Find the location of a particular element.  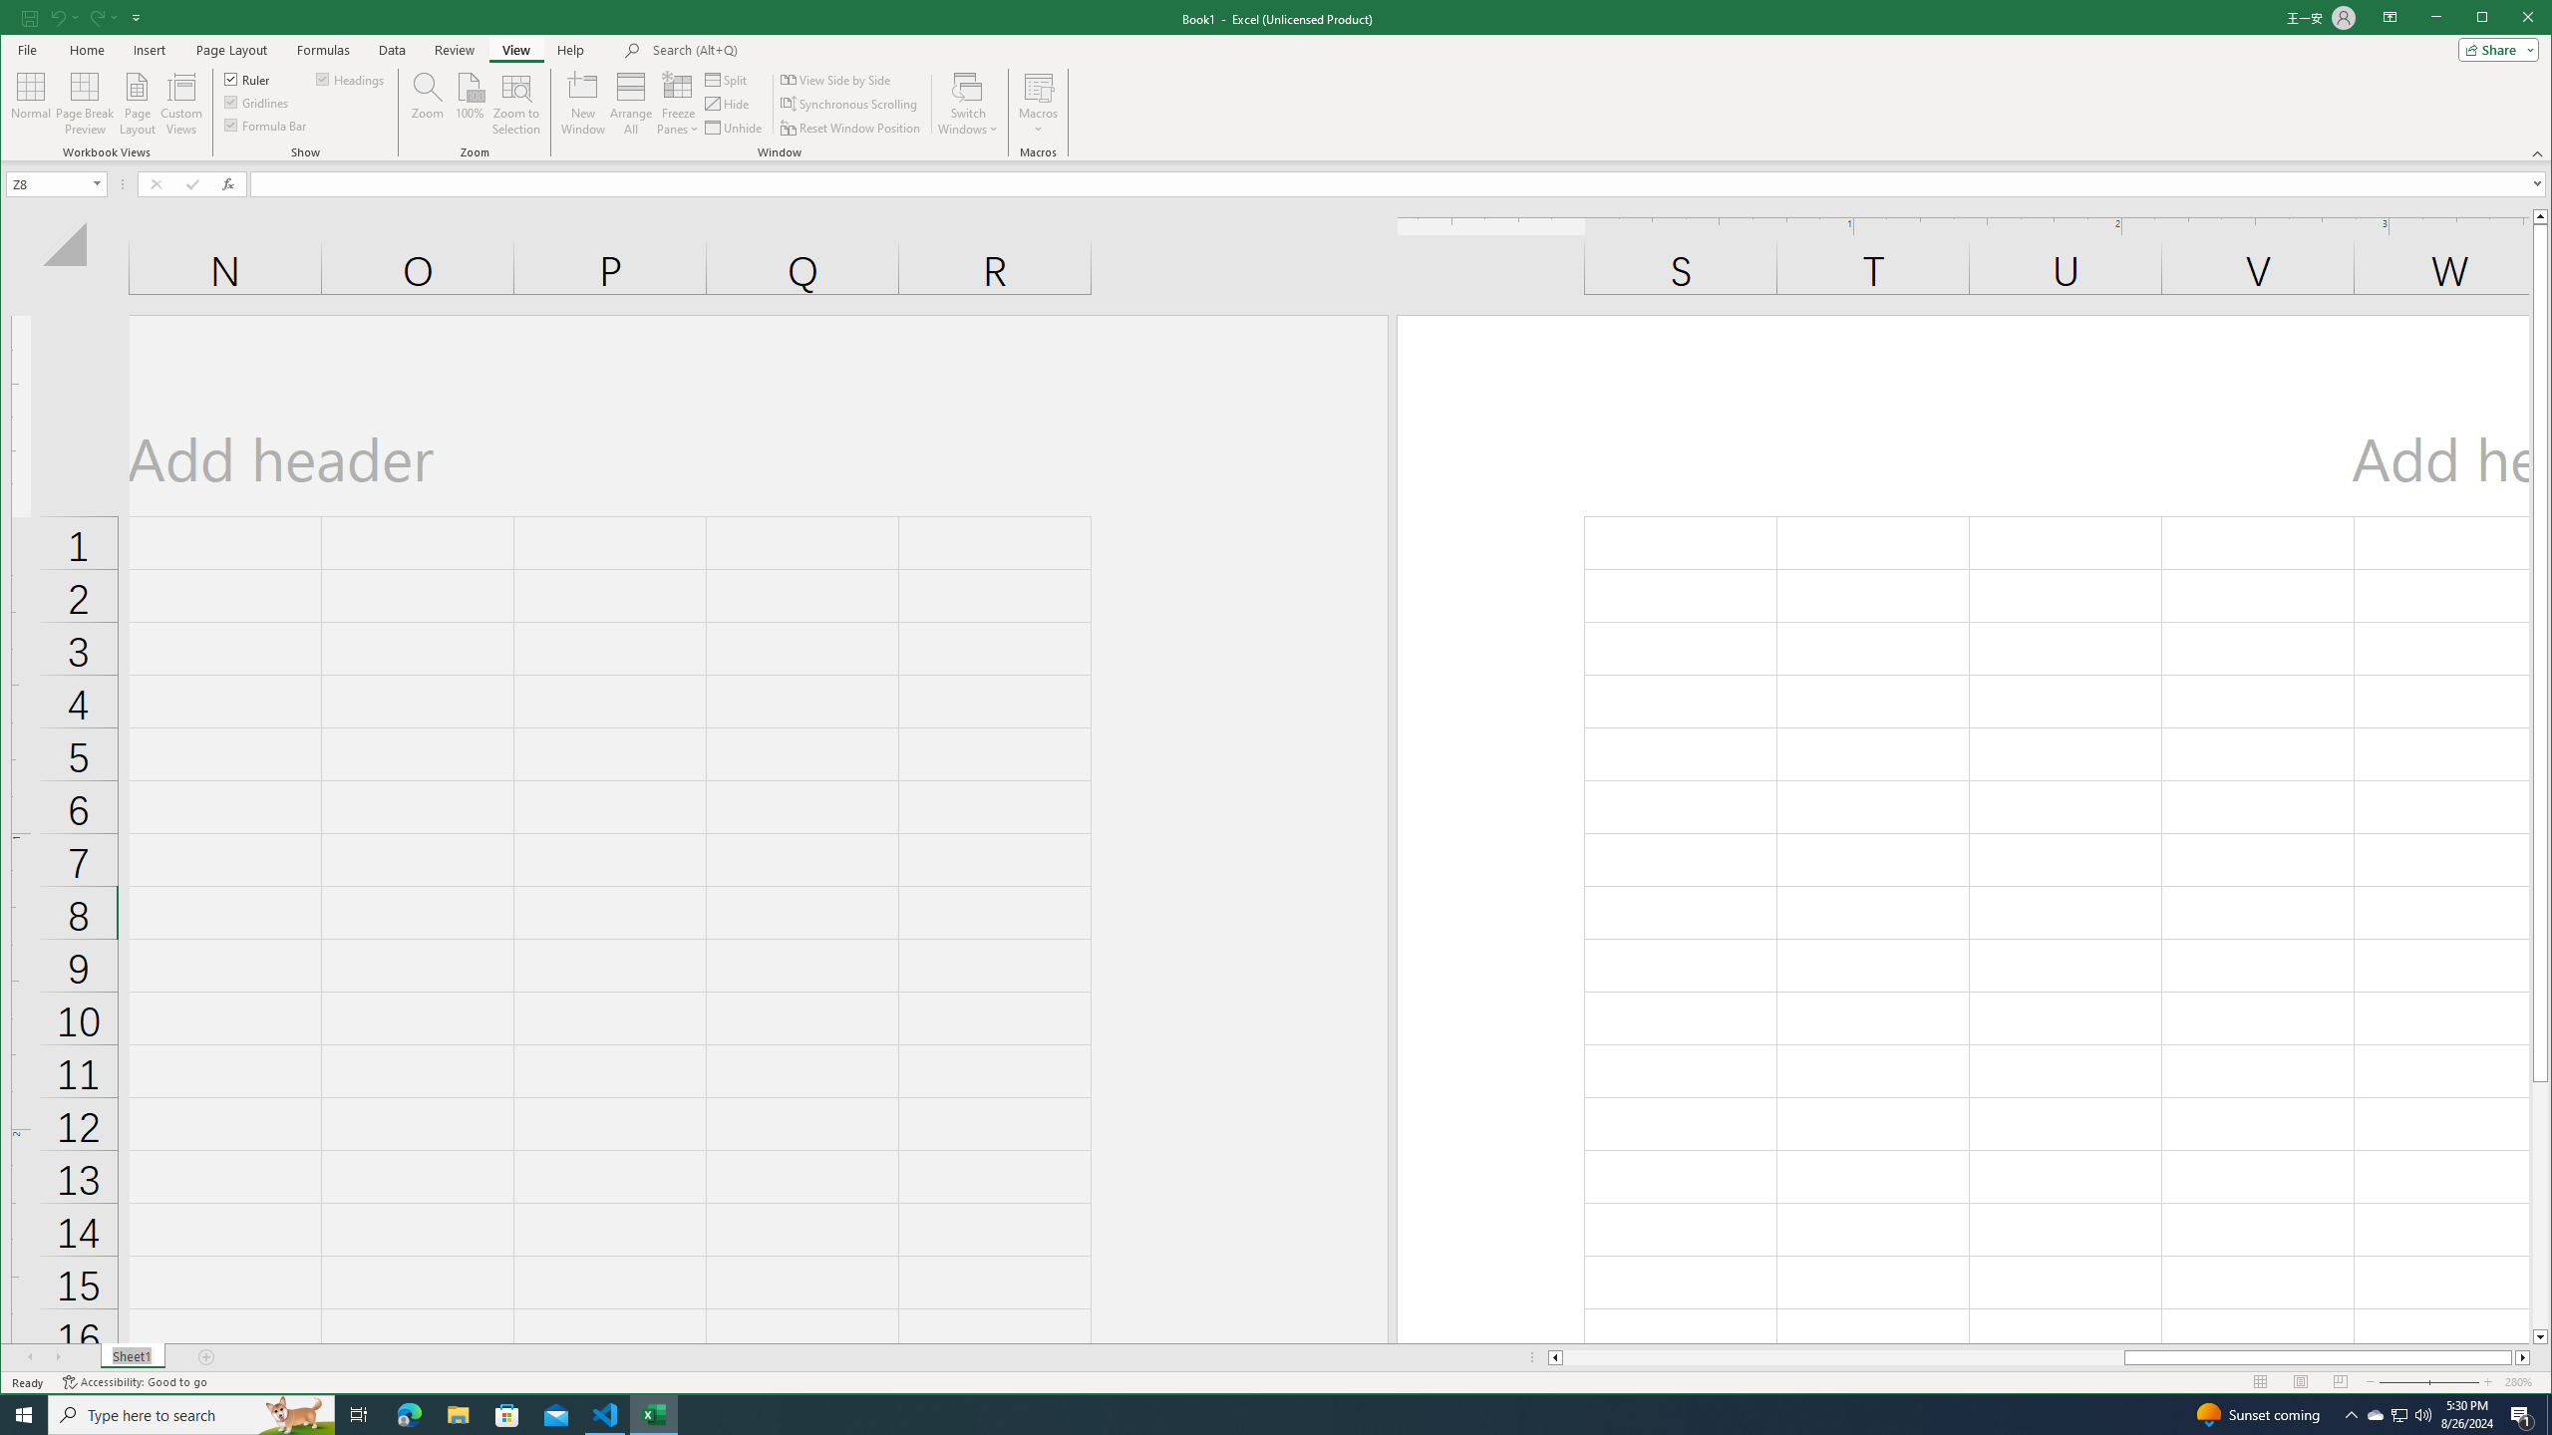

'Sunset coming' is located at coordinates (2258, 1413).